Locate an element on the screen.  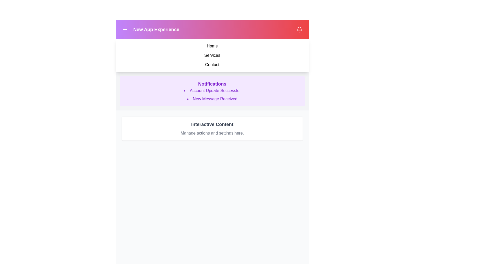
the menu item Services from the navigation menu is located at coordinates (212, 55).